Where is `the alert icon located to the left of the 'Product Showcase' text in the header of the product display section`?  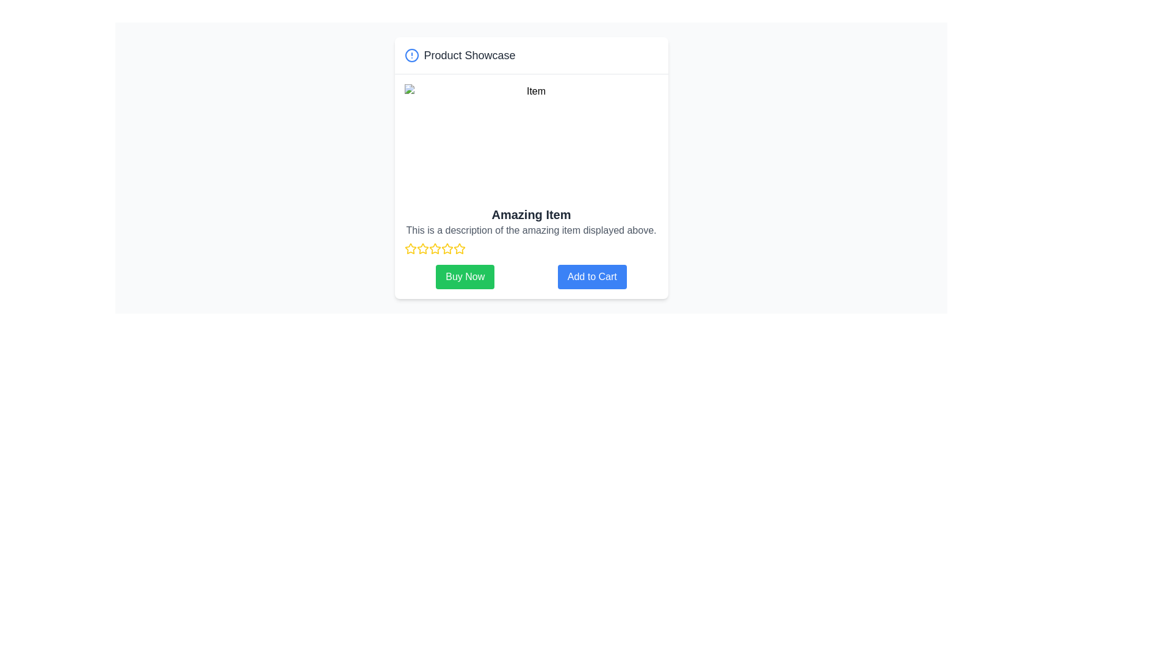 the alert icon located to the left of the 'Product Showcase' text in the header of the product display section is located at coordinates (411, 56).